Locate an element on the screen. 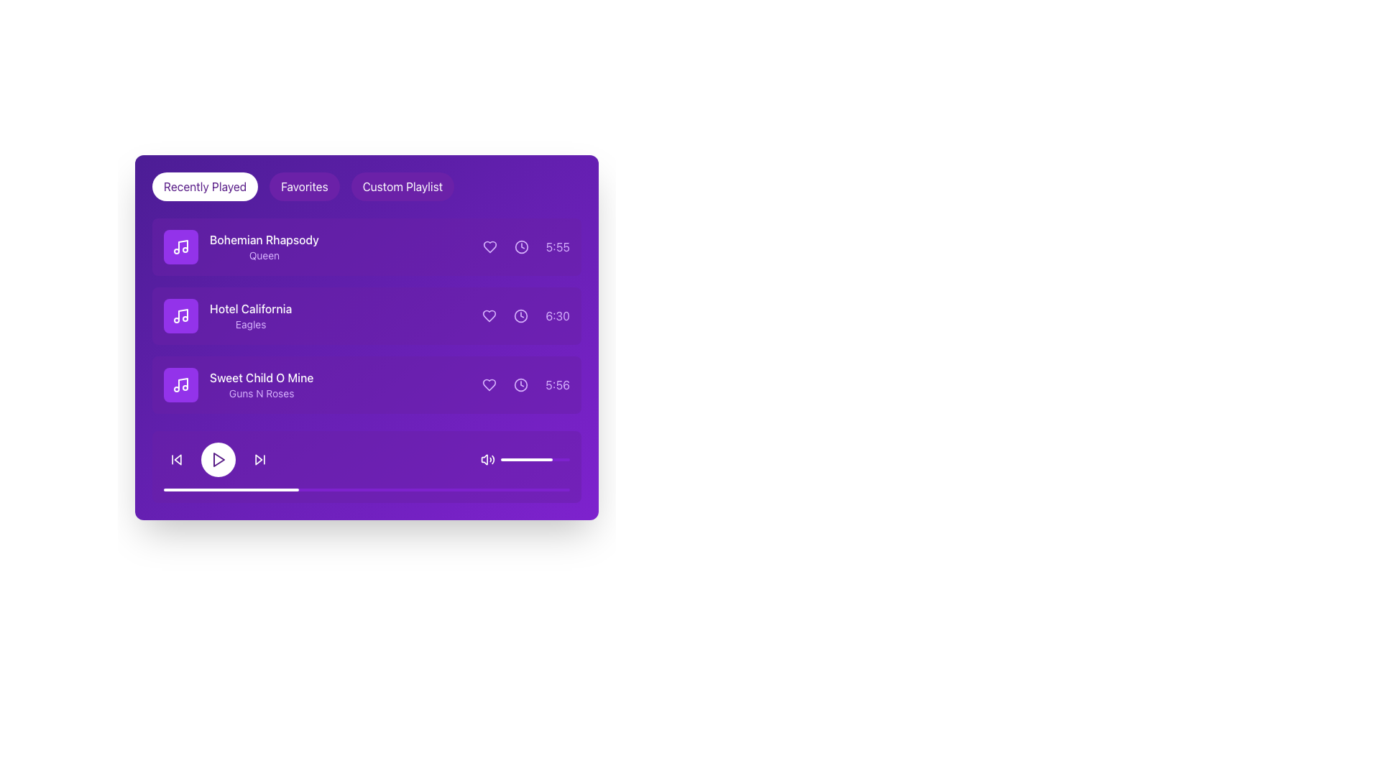  the volume control icon at the bottom right corner of the music player interface is located at coordinates (487, 460).